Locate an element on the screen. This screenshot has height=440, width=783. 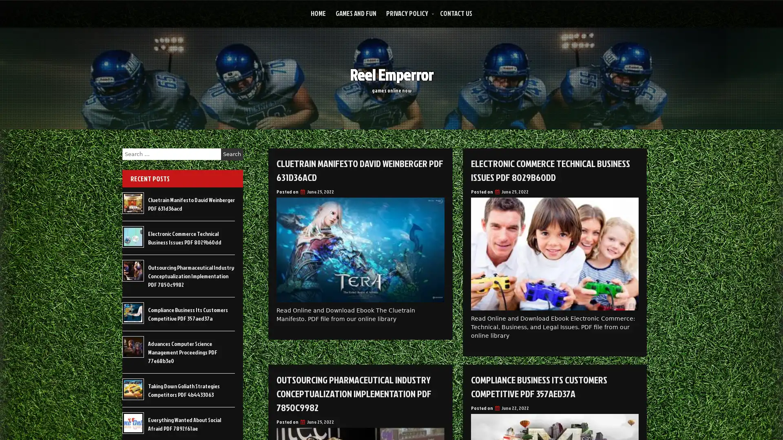
Search is located at coordinates (232, 154).